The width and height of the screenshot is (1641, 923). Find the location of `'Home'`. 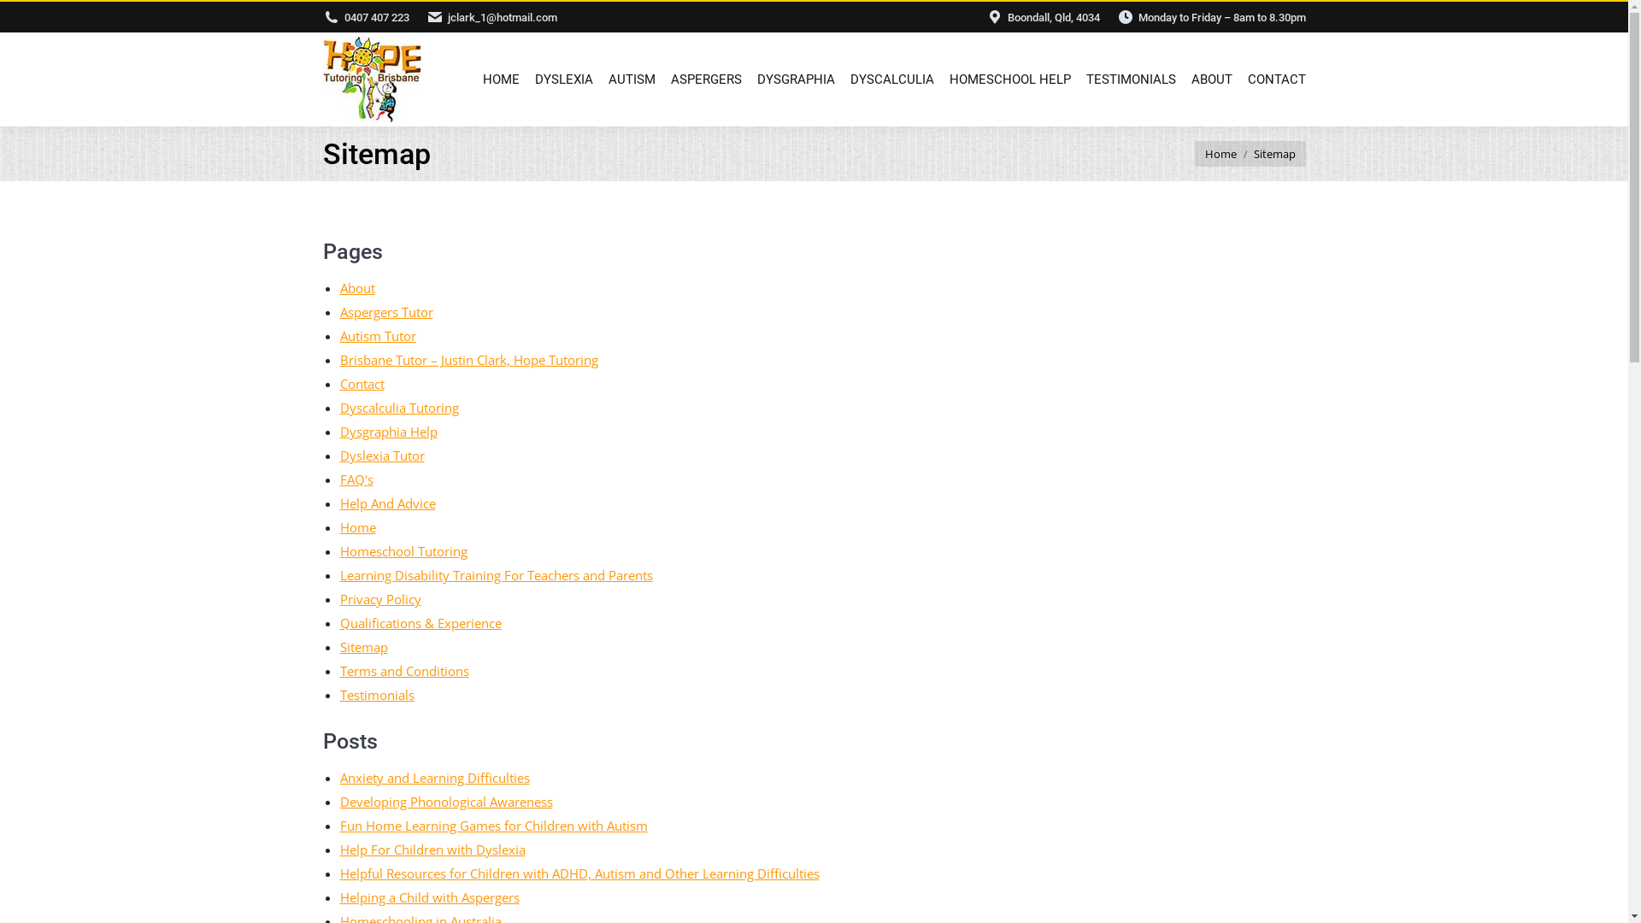

'Home' is located at coordinates (1204, 154).